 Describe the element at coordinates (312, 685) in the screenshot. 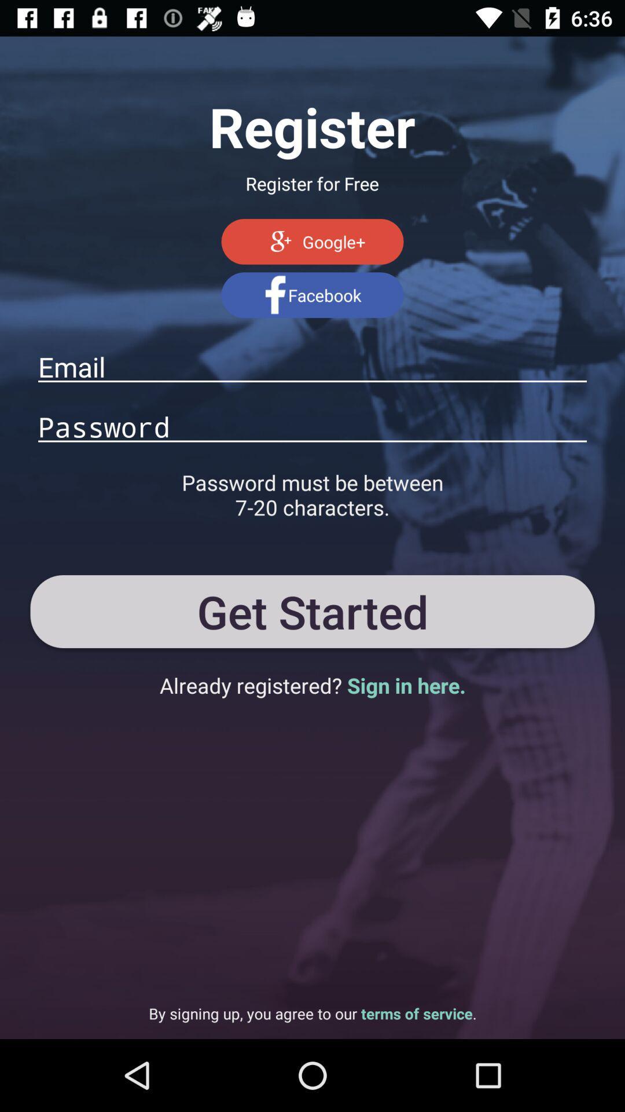

I see `the already registered sign app` at that location.